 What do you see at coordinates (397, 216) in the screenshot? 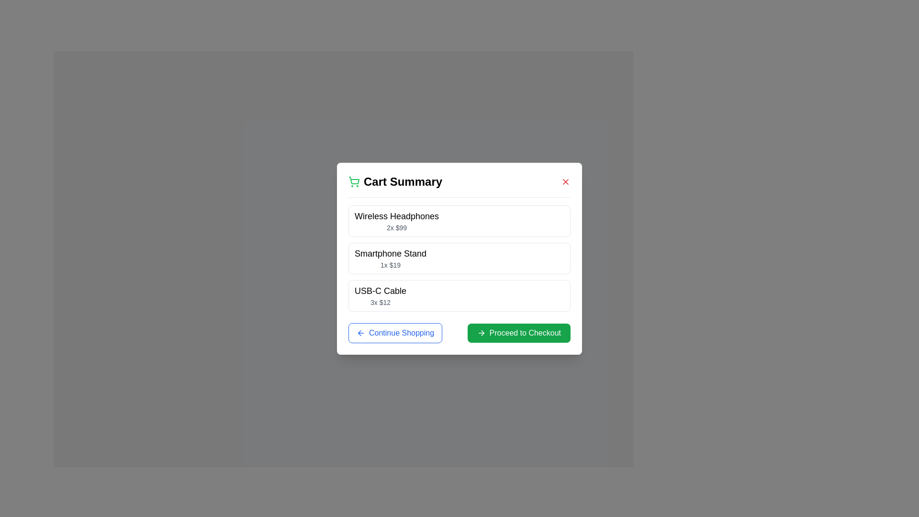
I see `the text label displaying 'Wireless Headphones', which is a bold title located at the top of the product information section in the 'Cart Summary' dialog box` at bounding box center [397, 216].